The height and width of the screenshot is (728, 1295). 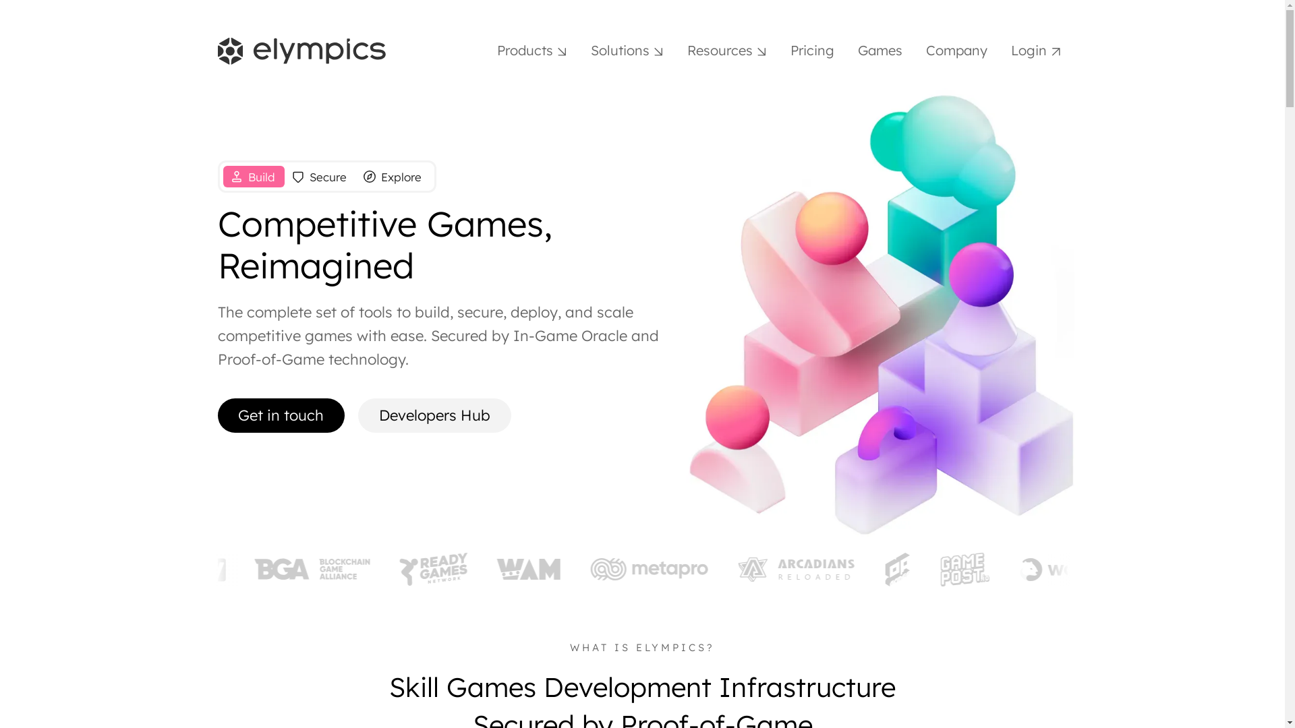 I want to click on 'Explore', so click(x=393, y=176).